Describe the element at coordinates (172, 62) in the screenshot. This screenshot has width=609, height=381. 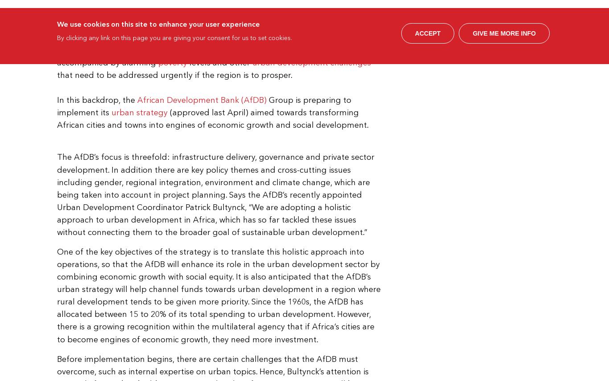
I see `'poverty'` at that location.